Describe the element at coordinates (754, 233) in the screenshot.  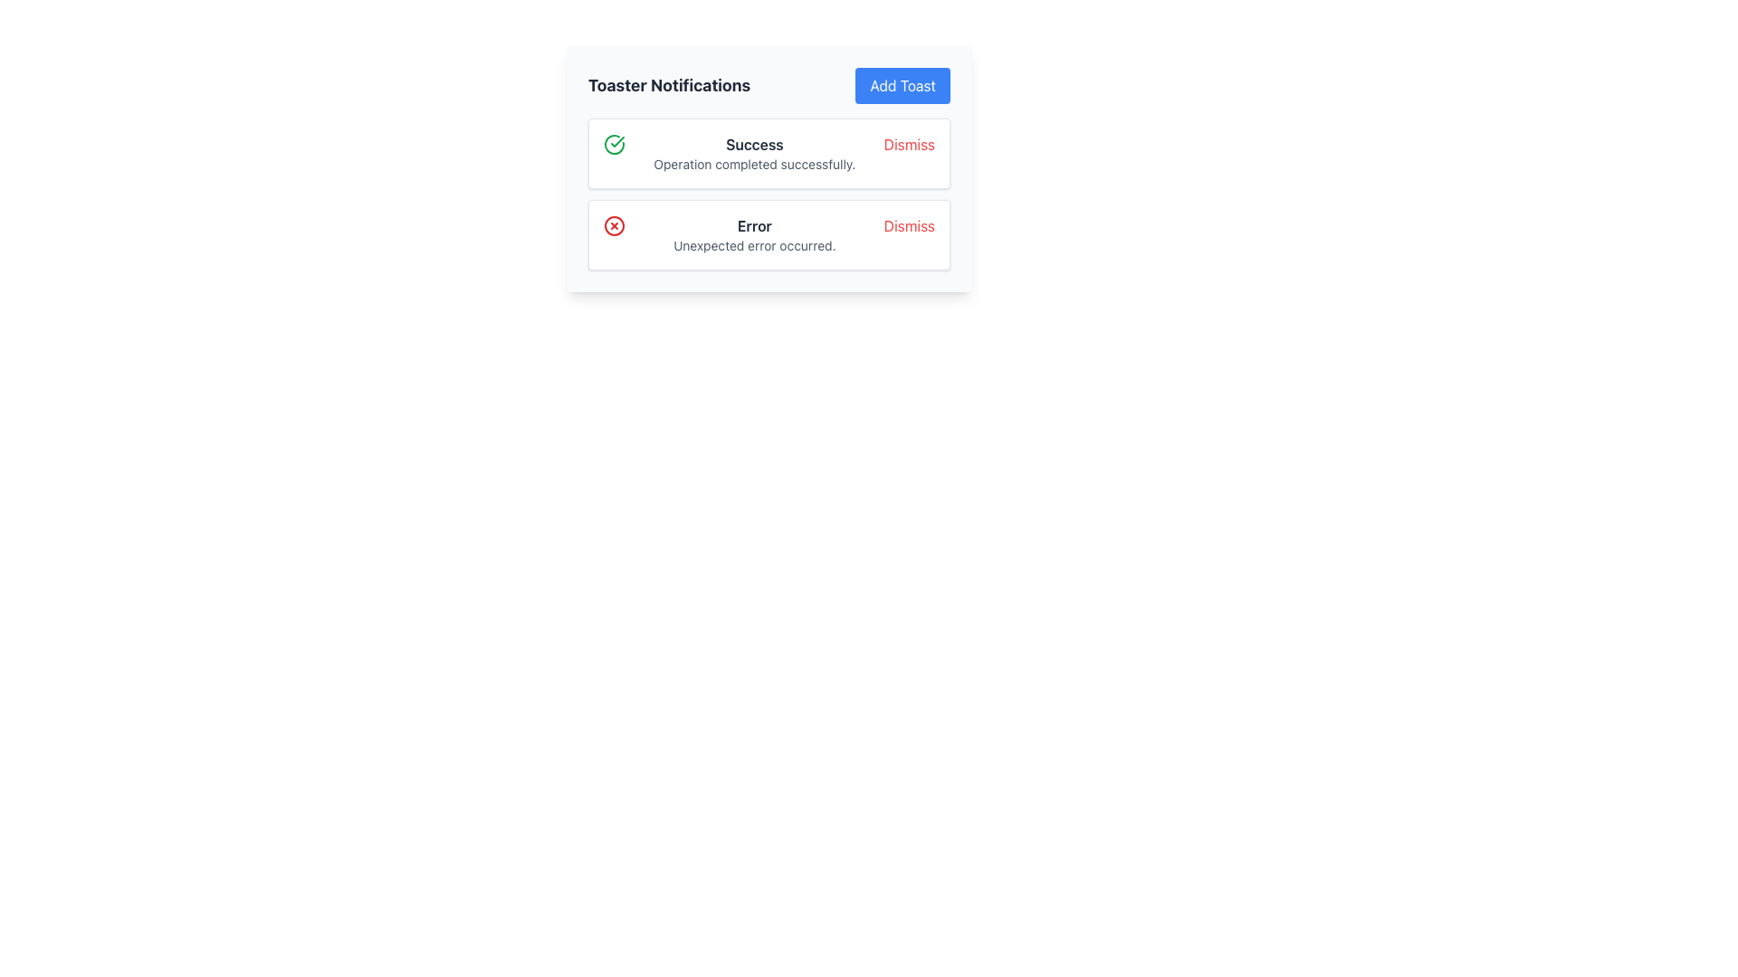
I see `message displayed in the notification box, which states 'Error' in bold followed by 'Unexpected error occurred.'` at that location.